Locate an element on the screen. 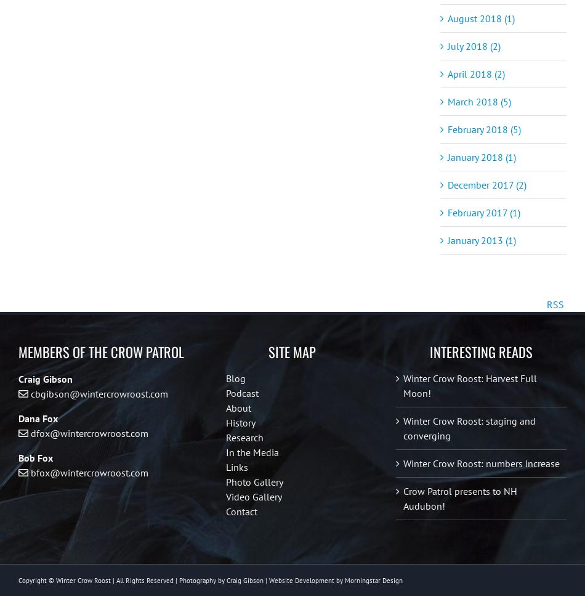  'January 2018 (1)' is located at coordinates (481, 157).